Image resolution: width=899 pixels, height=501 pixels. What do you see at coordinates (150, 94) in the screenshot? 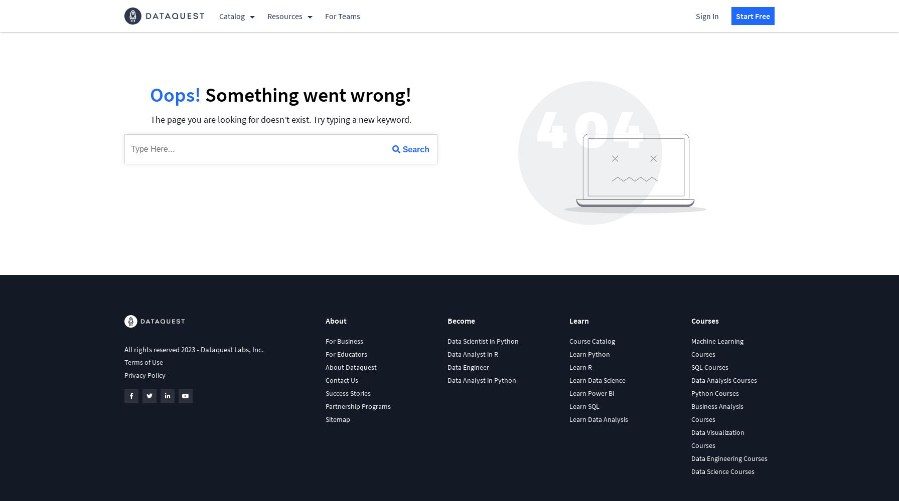
I see `'Oops!'` at bounding box center [150, 94].